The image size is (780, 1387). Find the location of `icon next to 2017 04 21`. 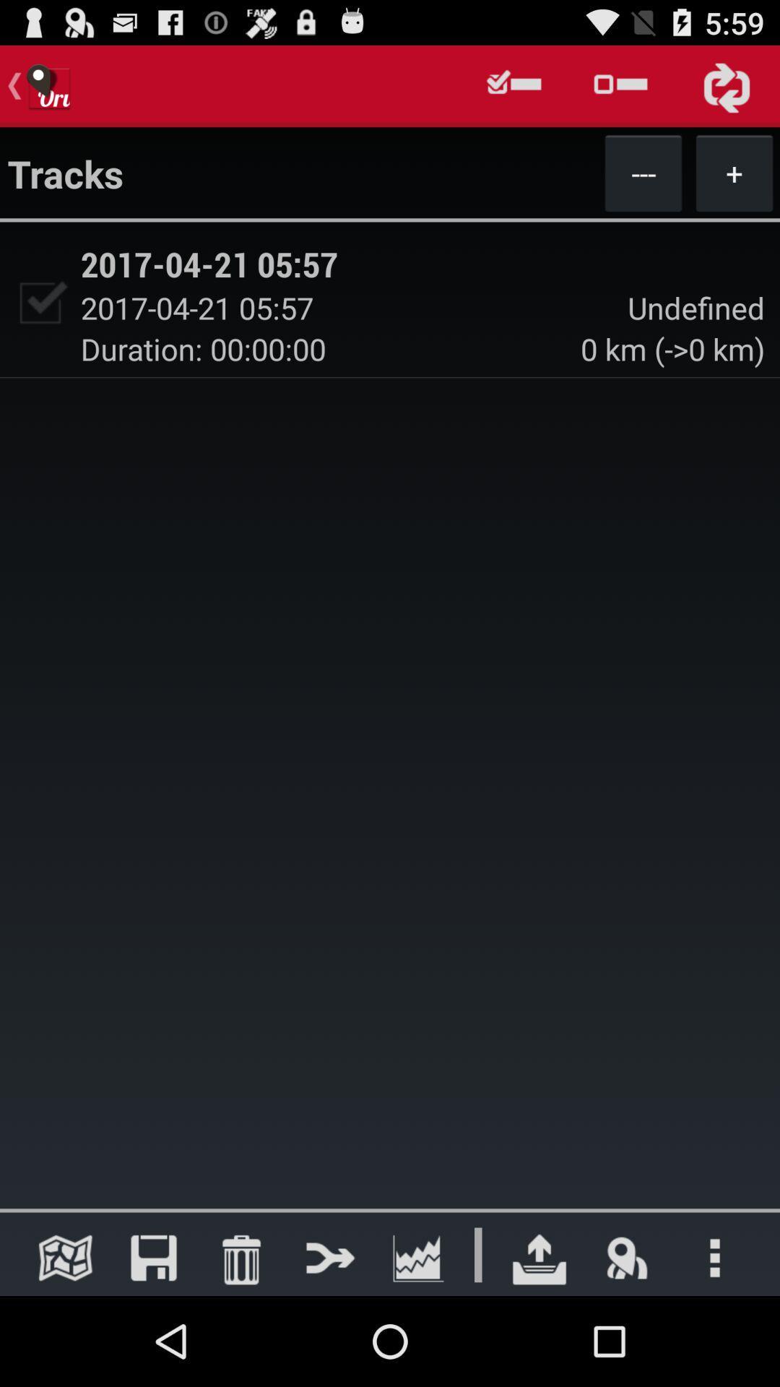

icon next to 2017 04 21 is located at coordinates (39, 302).